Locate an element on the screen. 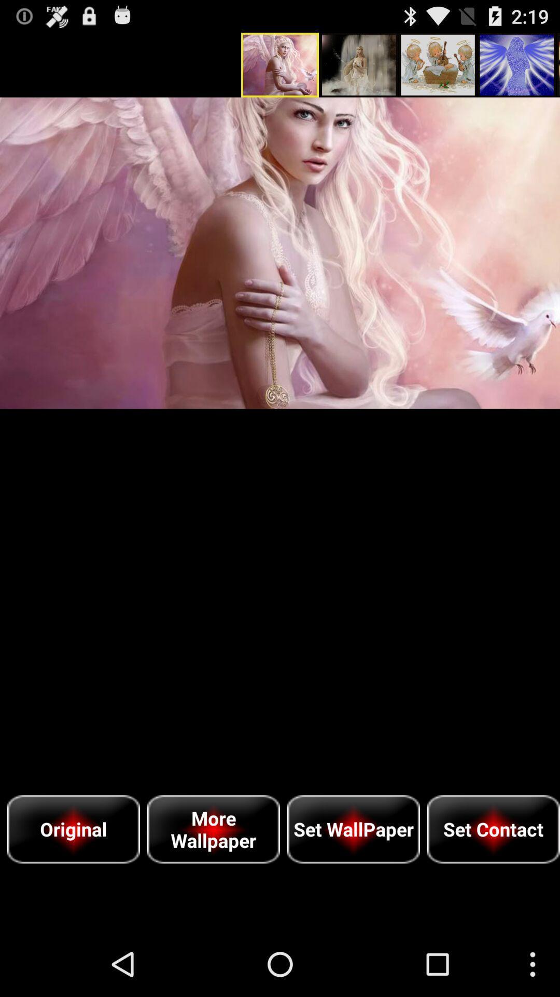 This screenshot has height=997, width=560. original at the bottom left corner is located at coordinates (73, 829).